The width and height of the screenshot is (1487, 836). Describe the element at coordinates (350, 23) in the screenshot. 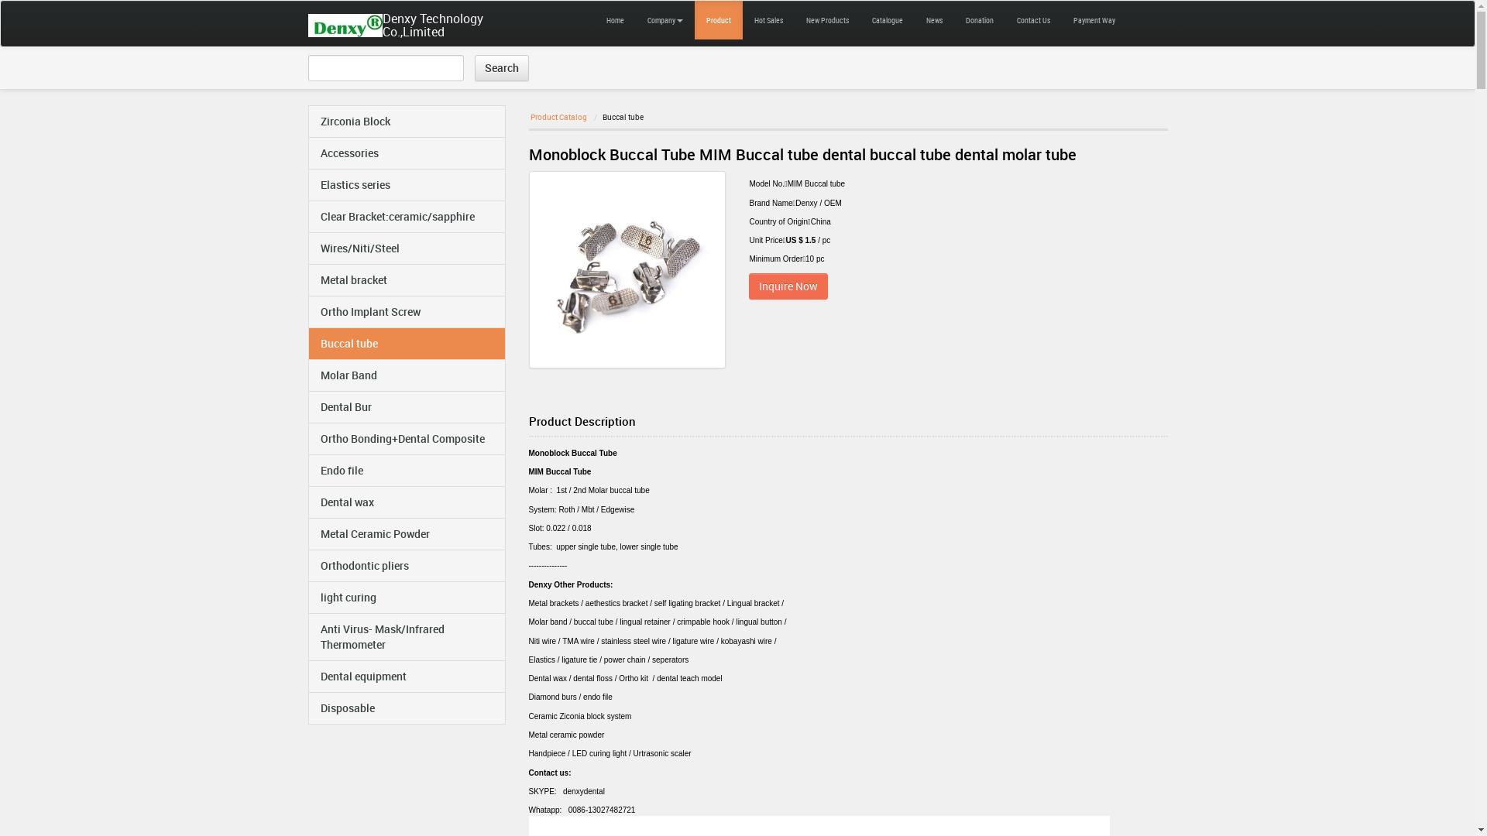

I see `'Denxy Technology Co.,Limited'` at that location.